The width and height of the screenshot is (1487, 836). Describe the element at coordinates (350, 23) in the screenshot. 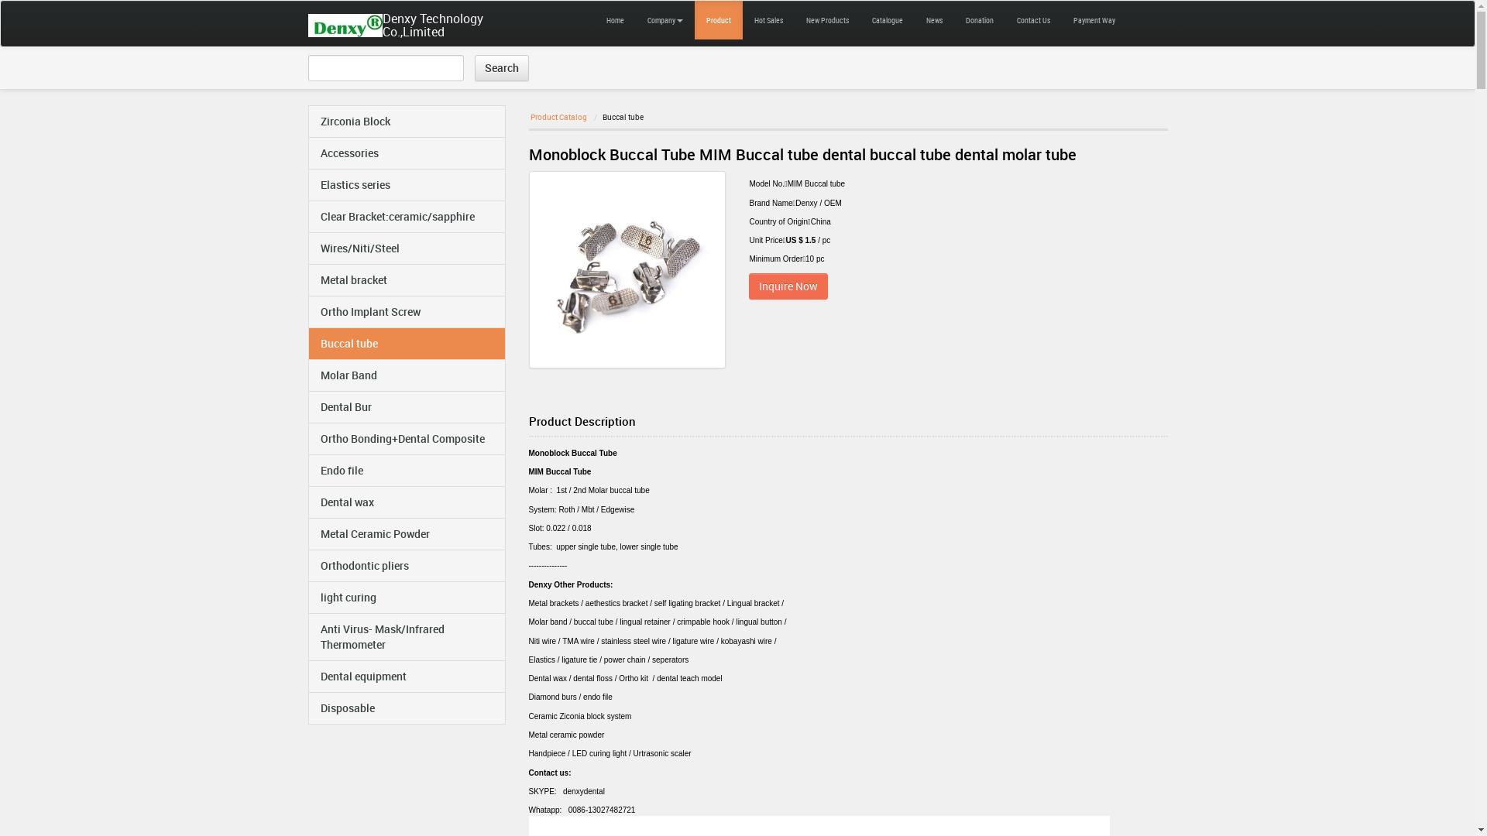

I see `'Denxy Technology Co.,Limited'` at that location.